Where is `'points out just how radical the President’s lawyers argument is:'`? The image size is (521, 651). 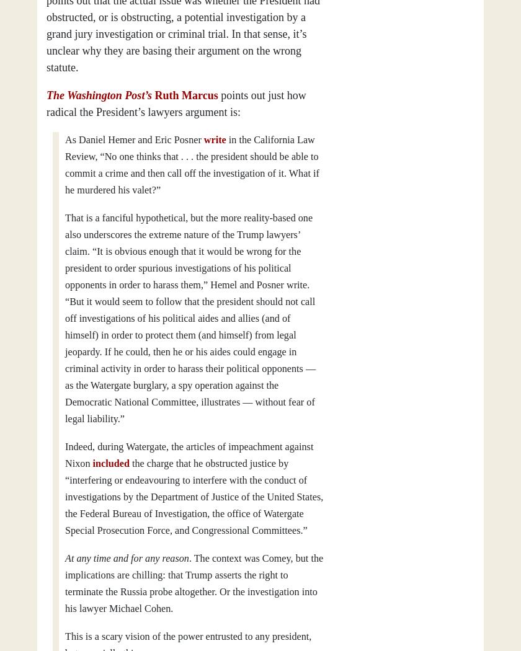 'points out just how radical the President’s lawyers argument is:' is located at coordinates (176, 104).